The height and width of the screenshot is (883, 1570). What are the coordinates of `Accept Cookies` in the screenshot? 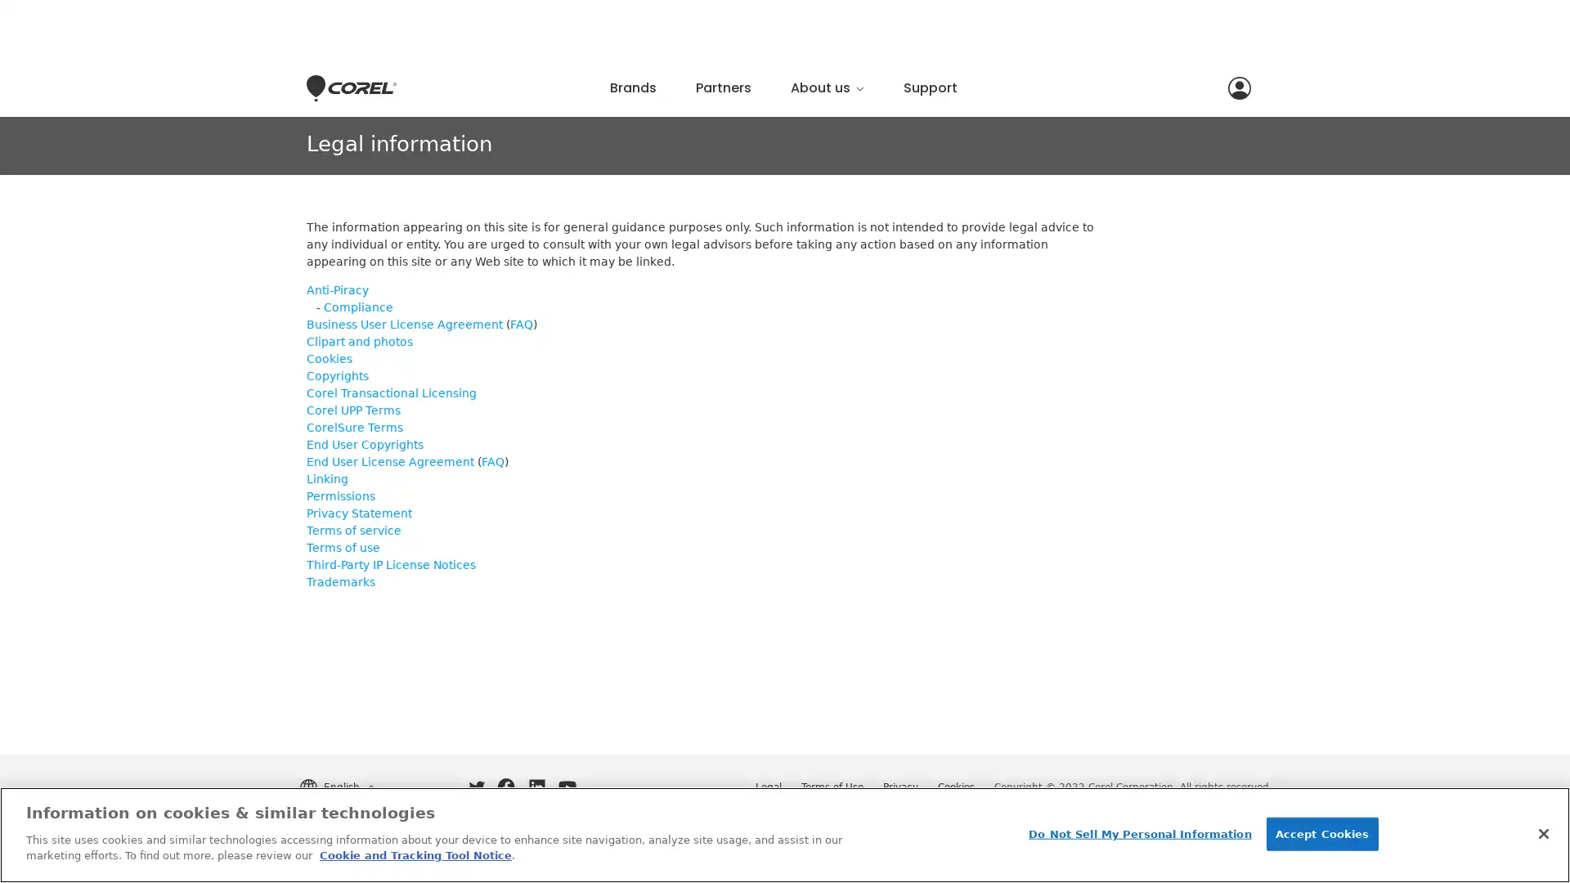 It's located at (1321, 833).